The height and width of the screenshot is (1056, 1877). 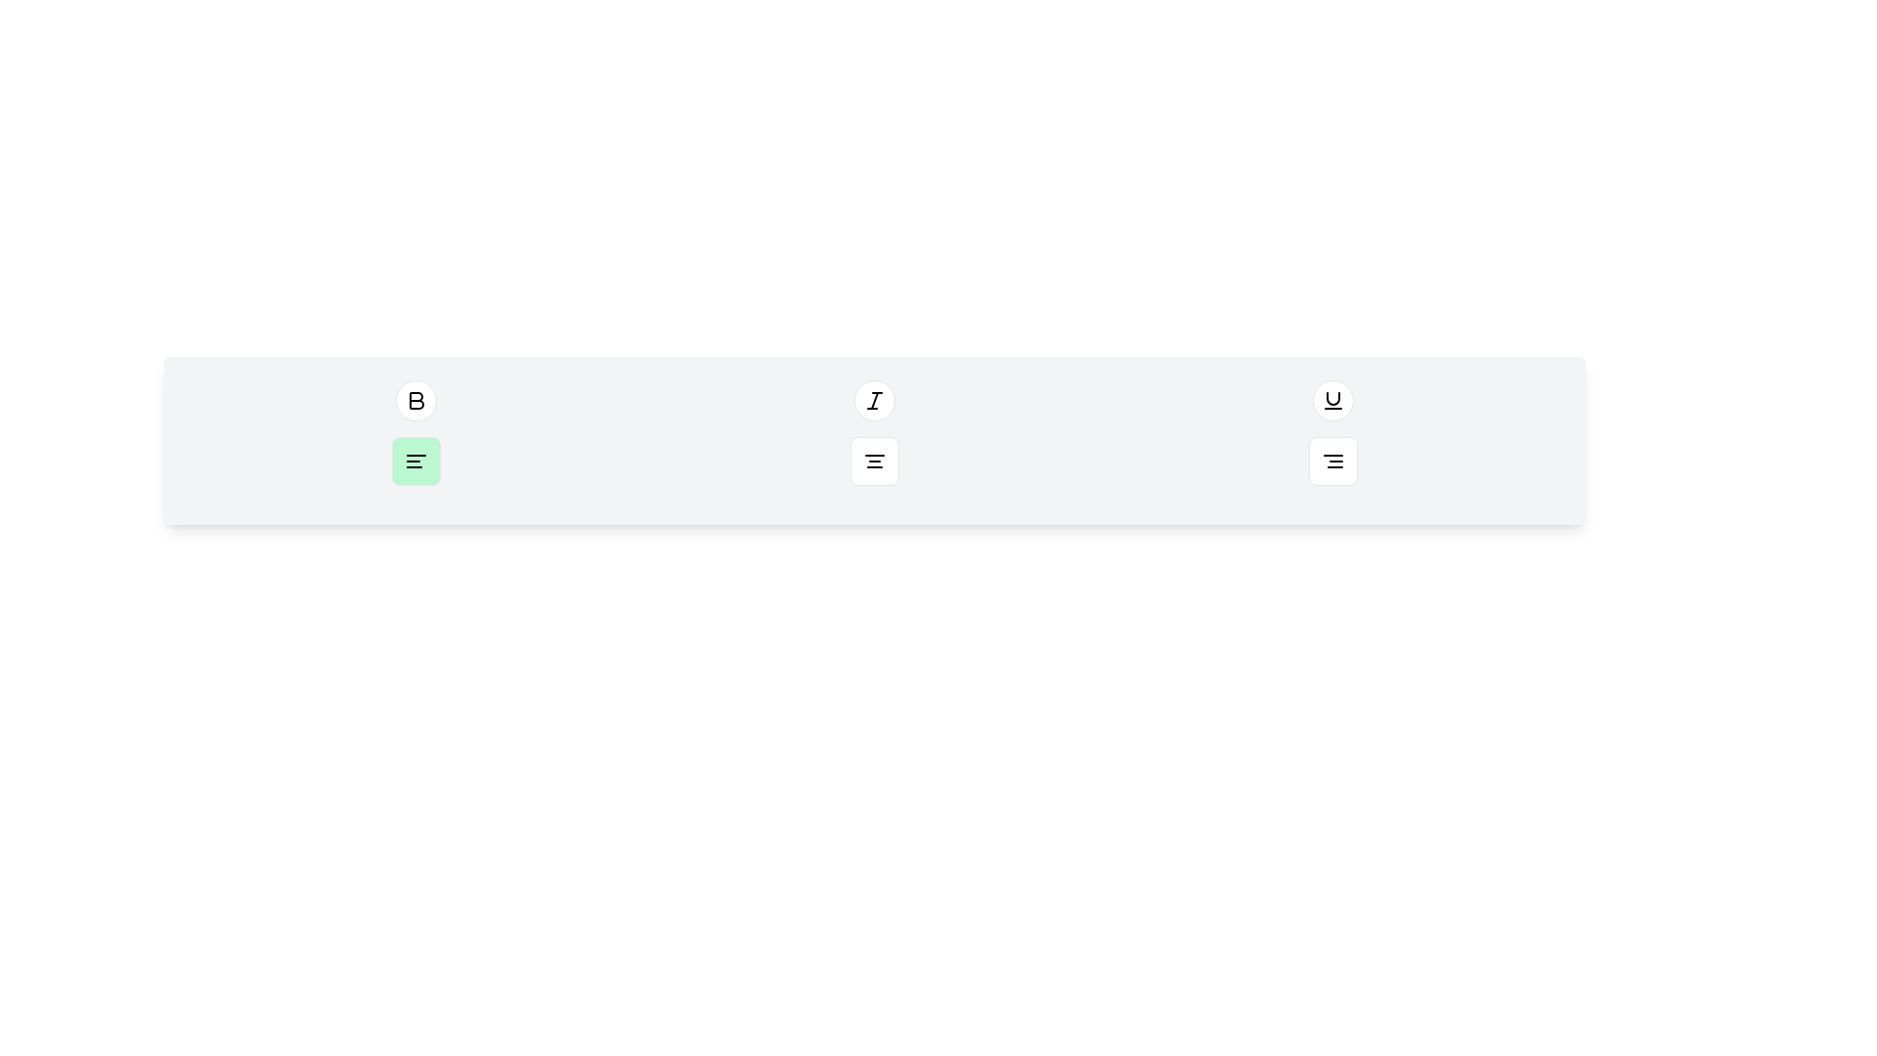 What do you see at coordinates (415, 399) in the screenshot?
I see `the bold formatting button located at the left side of the toolbar` at bounding box center [415, 399].